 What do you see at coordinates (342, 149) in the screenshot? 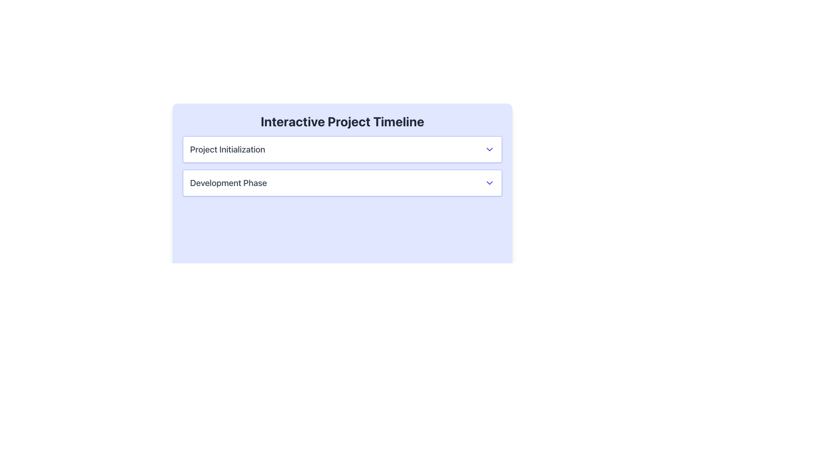
I see `the first dropdown list item in the 'Interactive Project Timeline' panel` at bounding box center [342, 149].